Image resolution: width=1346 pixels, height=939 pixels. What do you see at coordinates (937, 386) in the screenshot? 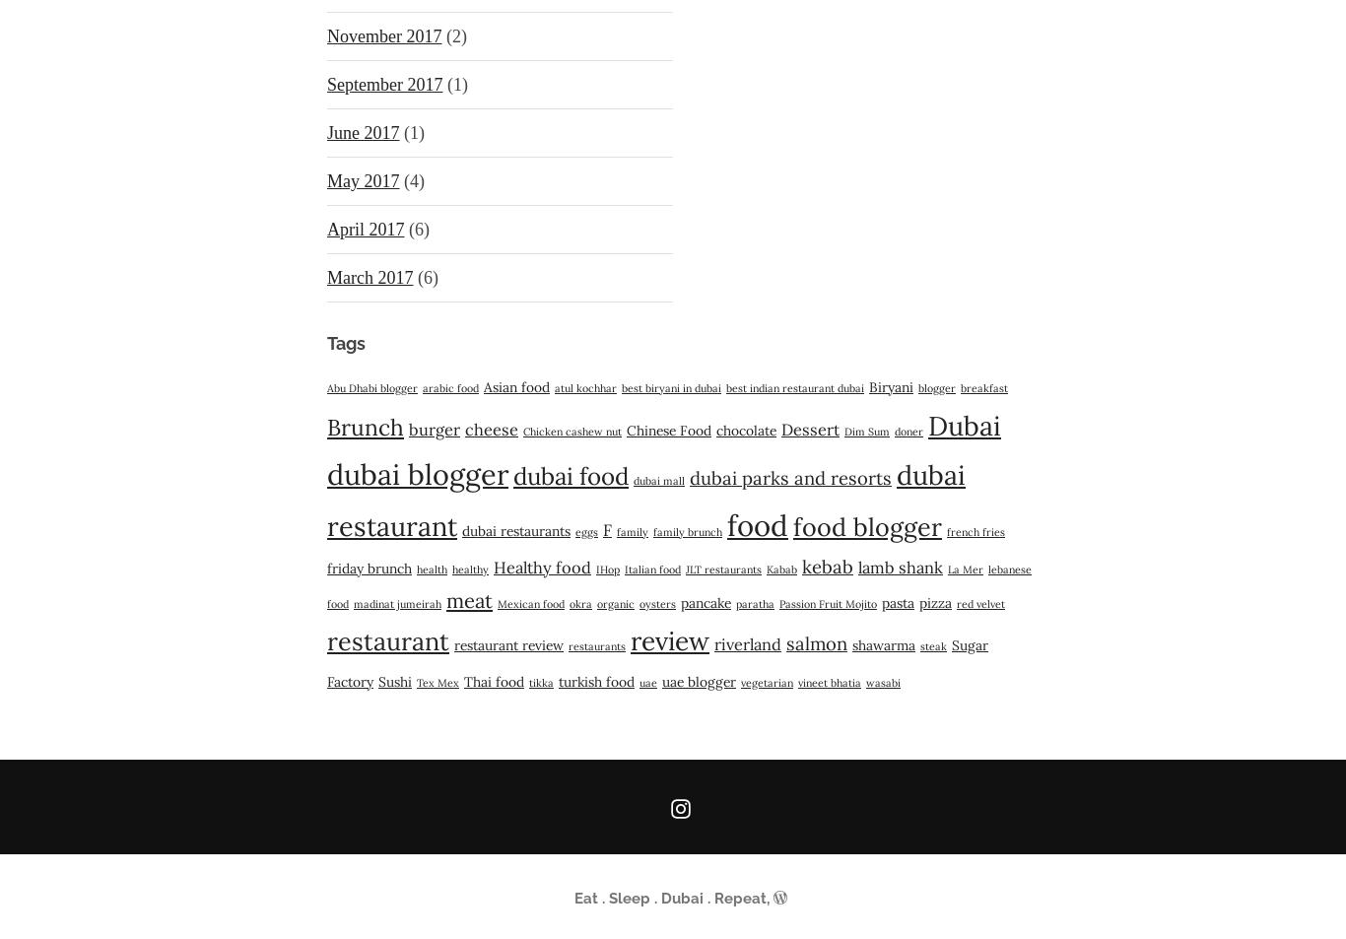
I see `'blogger'` at bounding box center [937, 386].